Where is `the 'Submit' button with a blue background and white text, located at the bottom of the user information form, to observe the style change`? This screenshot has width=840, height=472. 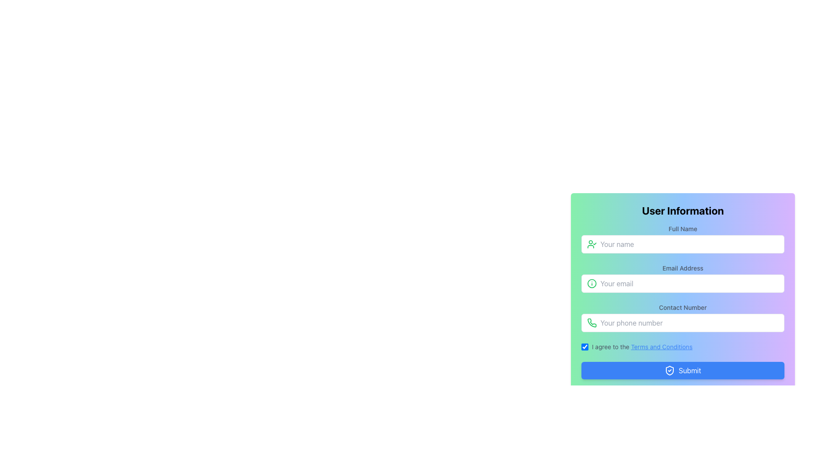 the 'Submit' button with a blue background and white text, located at the bottom of the user information form, to observe the style change is located at coordinates (682, 371).